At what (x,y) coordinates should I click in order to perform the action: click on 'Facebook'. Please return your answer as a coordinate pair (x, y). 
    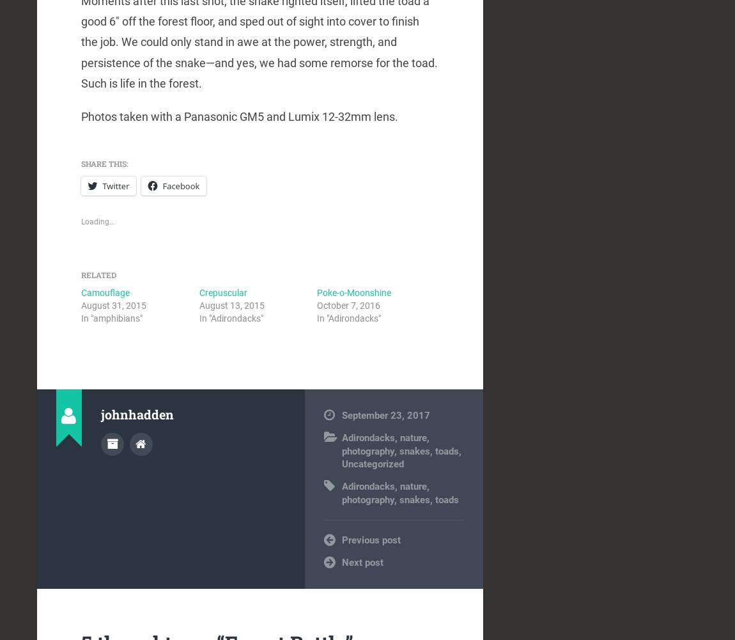
    Looking at the image, I should click on (180, 185).